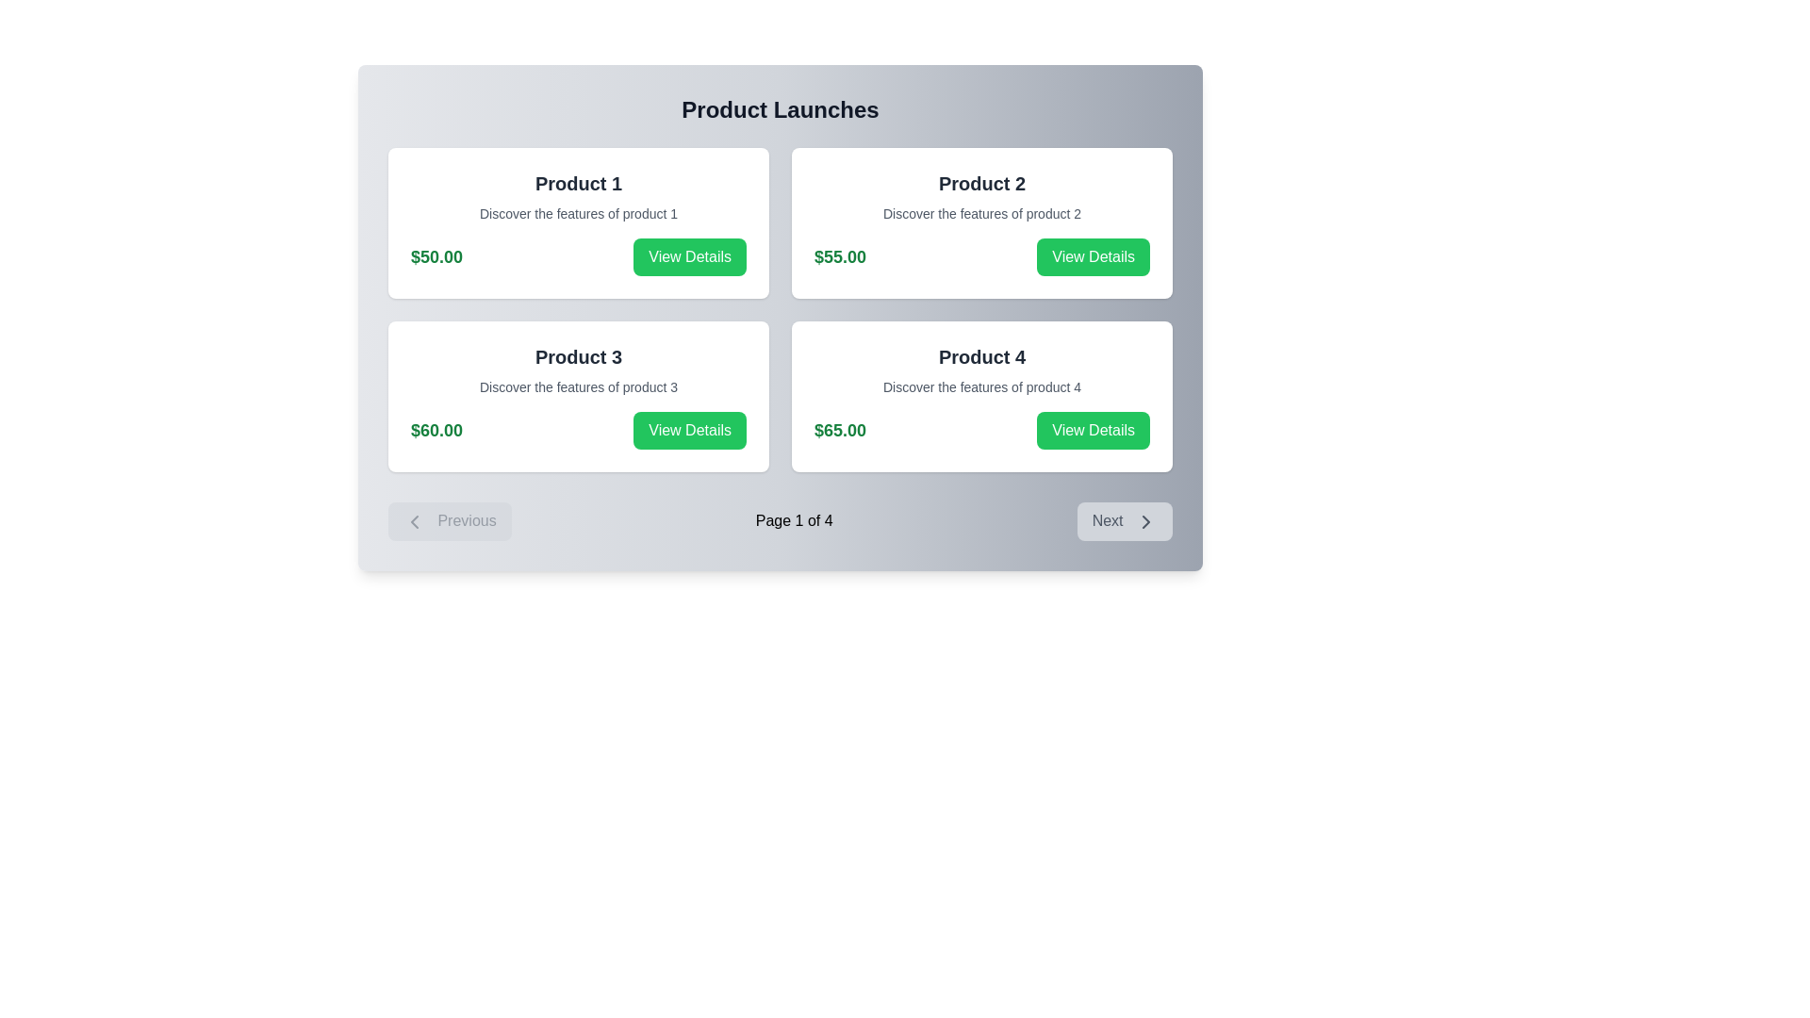  What do you see at coordinates (980, 386) in the screenshot?
I see `the text label providing additional information about 'Product 4', which is located below the 'Product 4' heading and above the '$65.00' price` at bounding box center [980, 386].